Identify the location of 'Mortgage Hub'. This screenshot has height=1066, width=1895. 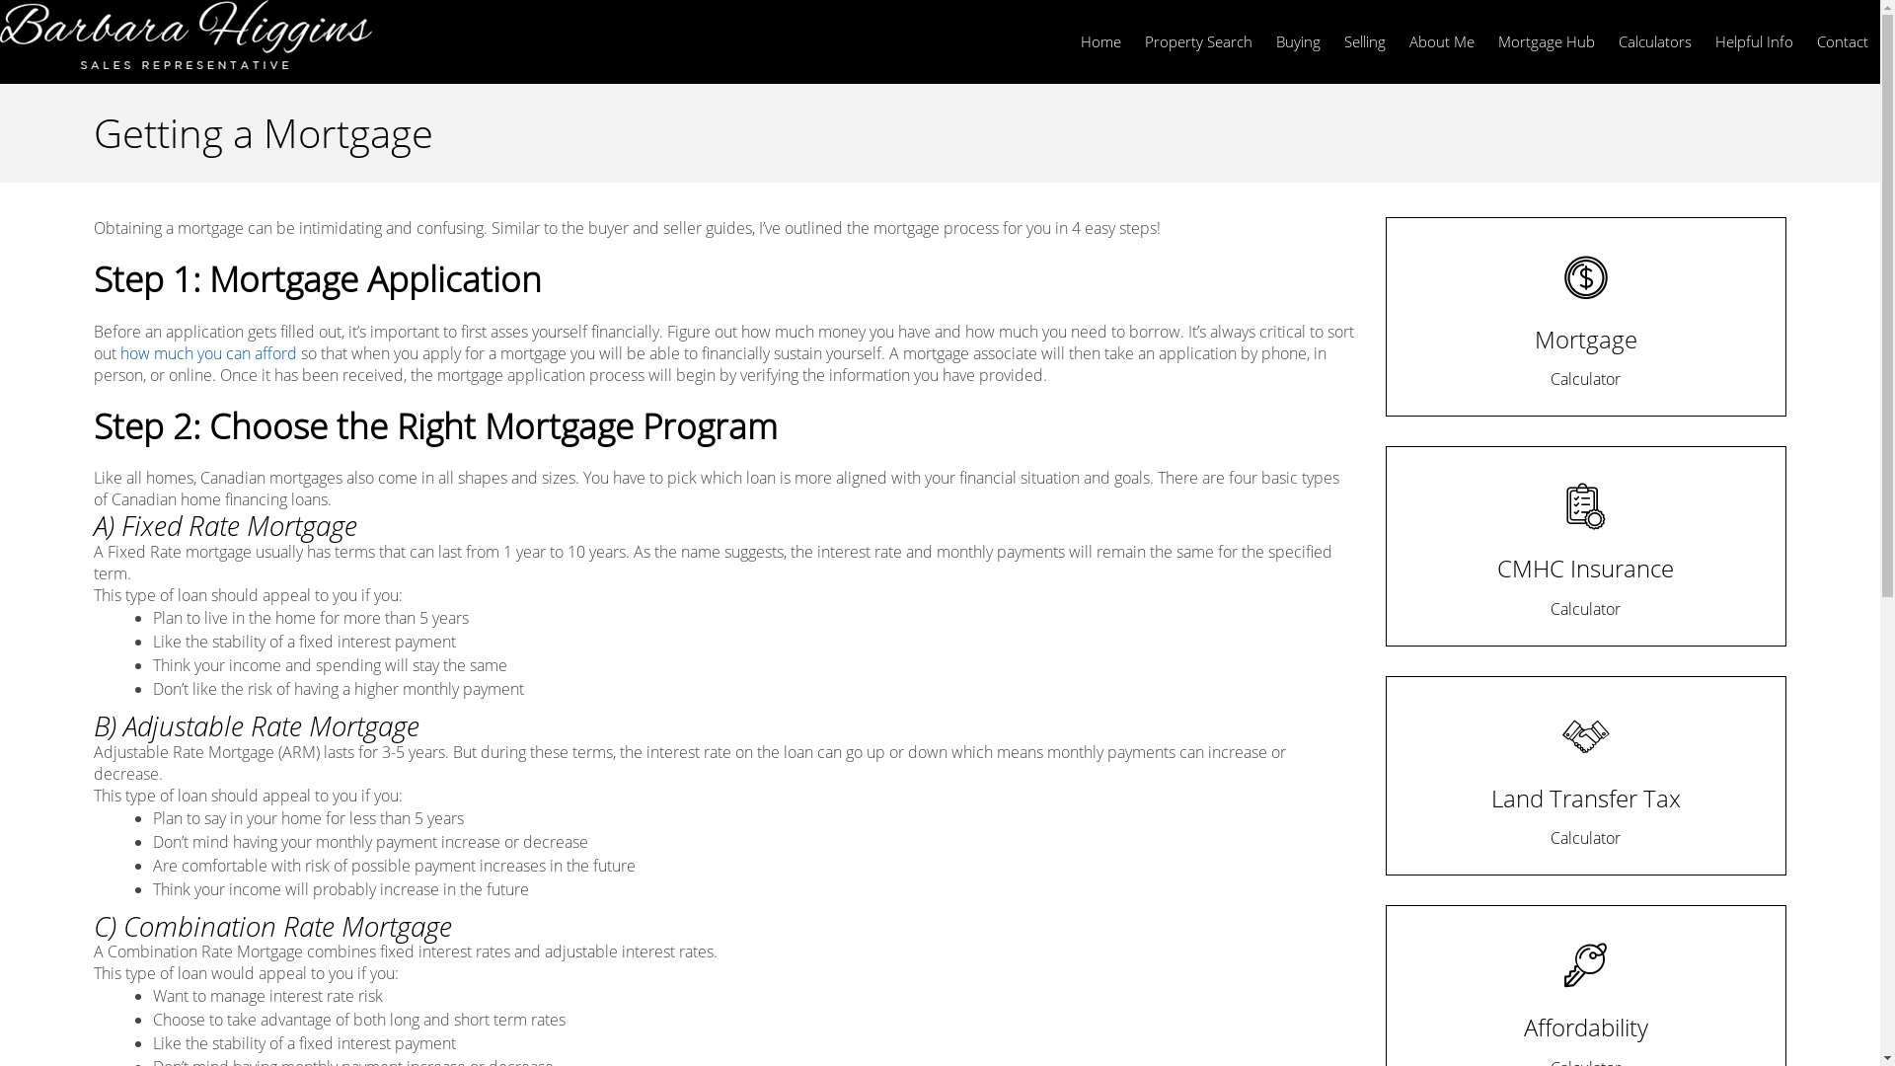
(1545, 41).